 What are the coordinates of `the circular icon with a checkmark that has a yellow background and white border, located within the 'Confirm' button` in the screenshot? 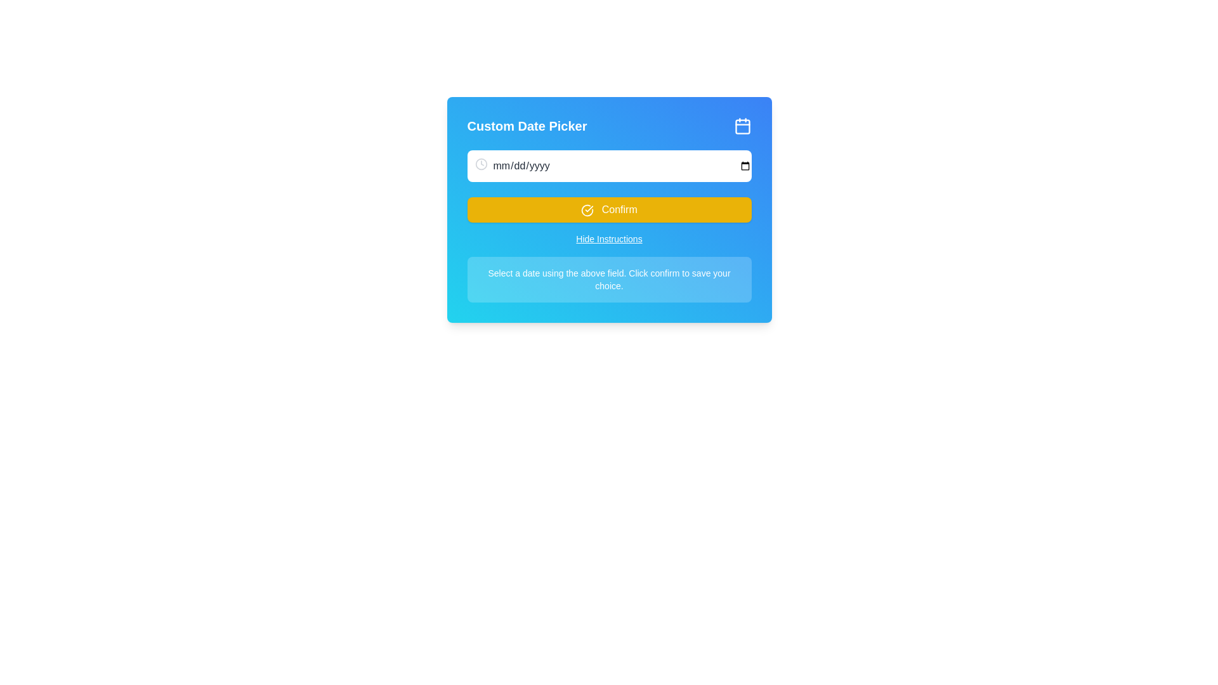 It's located at (587, 209).